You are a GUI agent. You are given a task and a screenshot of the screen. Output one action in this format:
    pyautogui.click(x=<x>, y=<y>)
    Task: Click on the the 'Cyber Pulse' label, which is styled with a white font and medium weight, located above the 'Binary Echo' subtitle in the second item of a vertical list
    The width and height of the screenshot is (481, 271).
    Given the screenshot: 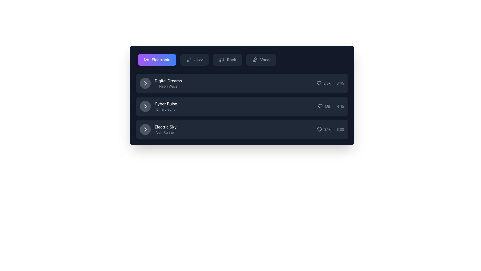 What is the action you would take?
    pyautogui.click(x=166, y=103)
    